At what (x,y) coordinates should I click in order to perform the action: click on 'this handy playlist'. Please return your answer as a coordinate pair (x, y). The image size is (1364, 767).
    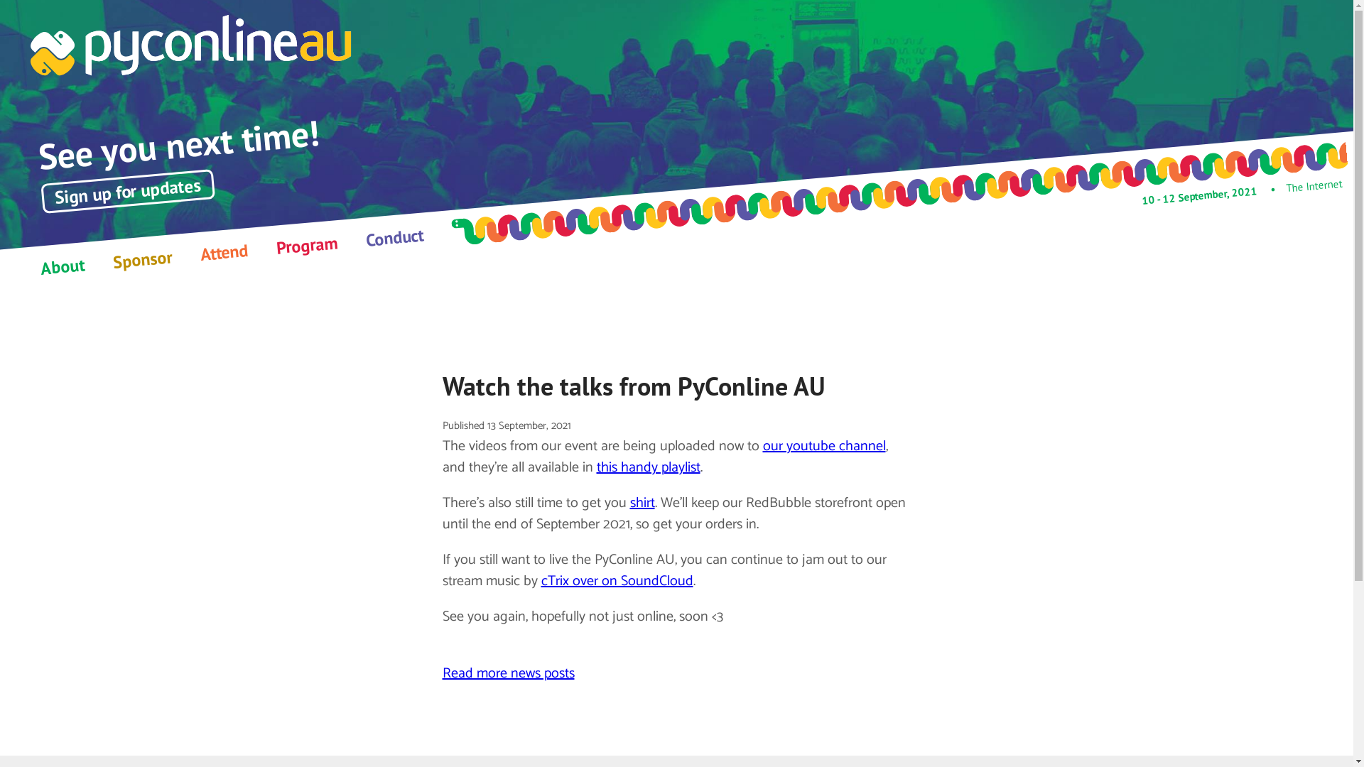
    Looking at the image, I should click on (647, 467).